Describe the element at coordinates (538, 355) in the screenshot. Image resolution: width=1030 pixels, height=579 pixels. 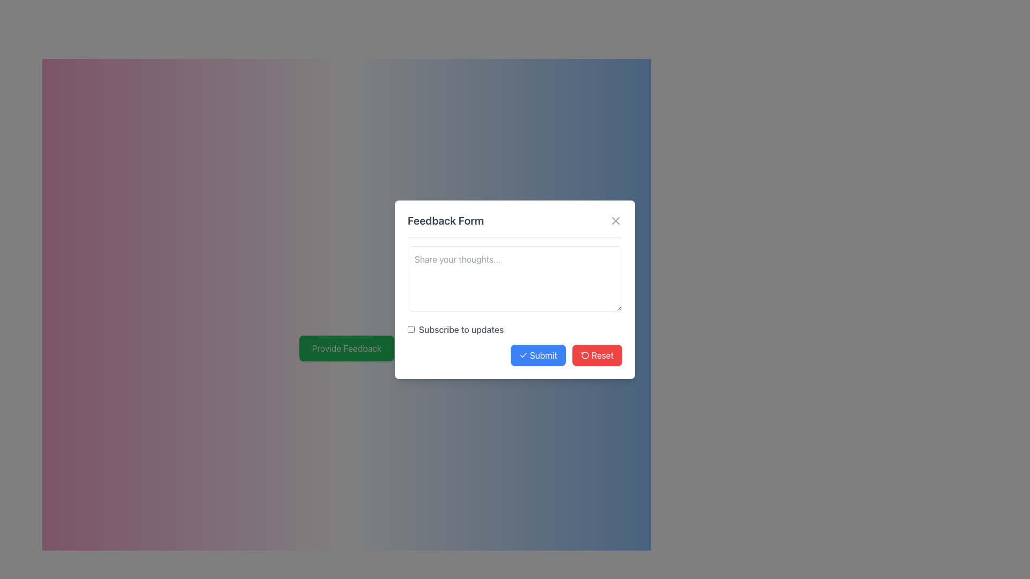
I see `the submission button located in the lower-right section of the 'Feedback Form' modal to observe the hover effect` at that location.